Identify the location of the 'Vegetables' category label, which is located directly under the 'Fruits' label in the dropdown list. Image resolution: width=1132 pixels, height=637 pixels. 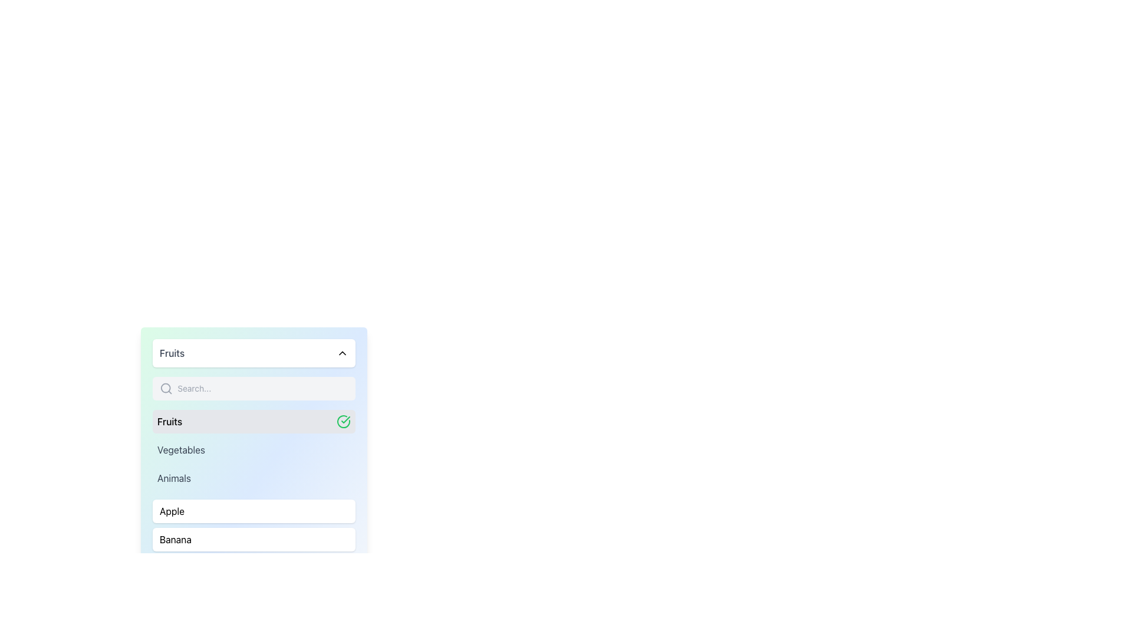
(180, 450).